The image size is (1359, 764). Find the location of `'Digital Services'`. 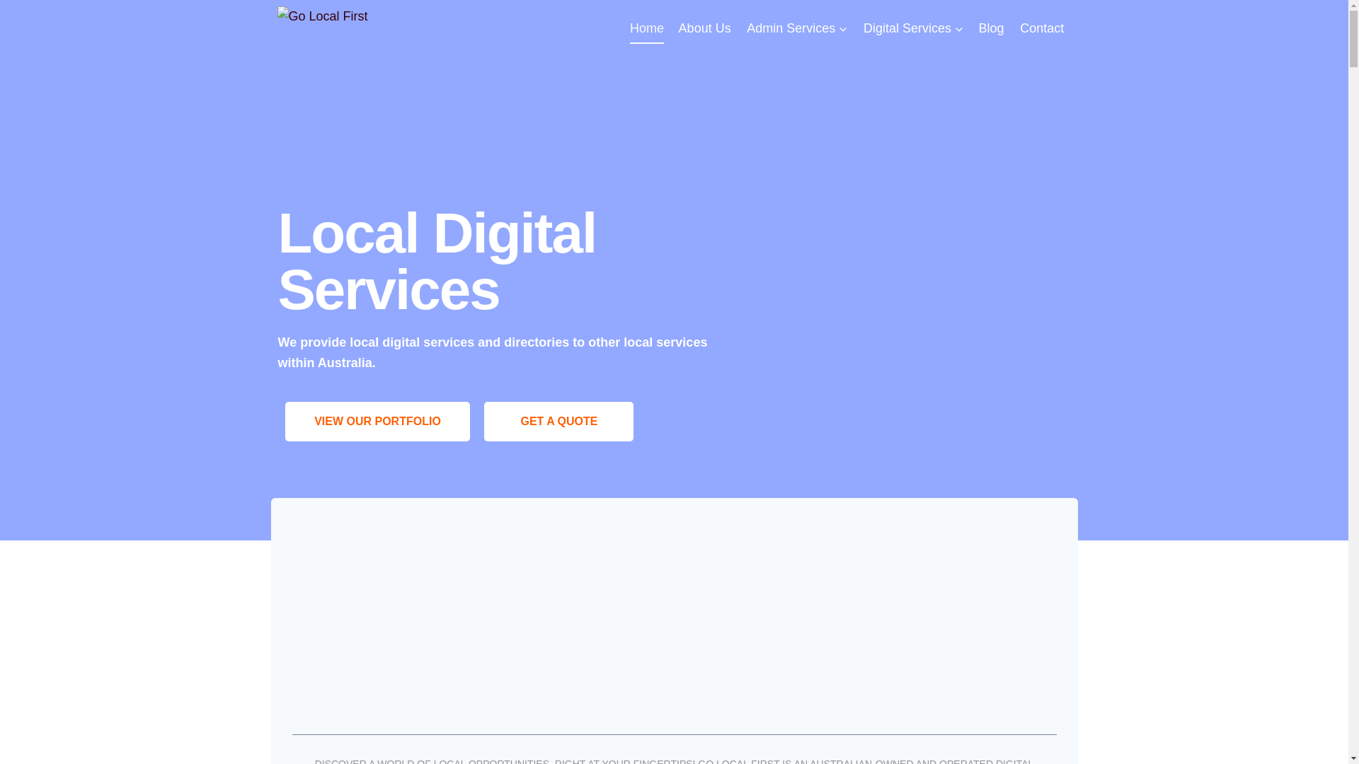

'Digital Services' is located at coordinates (914, 28).